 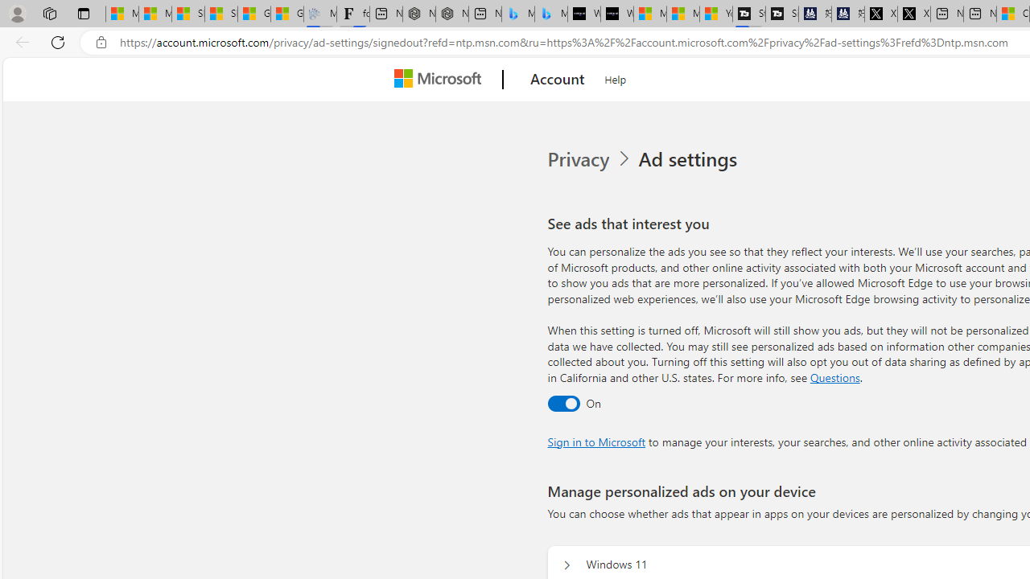 I want to click on 'Gilma and Hector both pose tropical trouble for Hawaii', so click(x=287, y=14).